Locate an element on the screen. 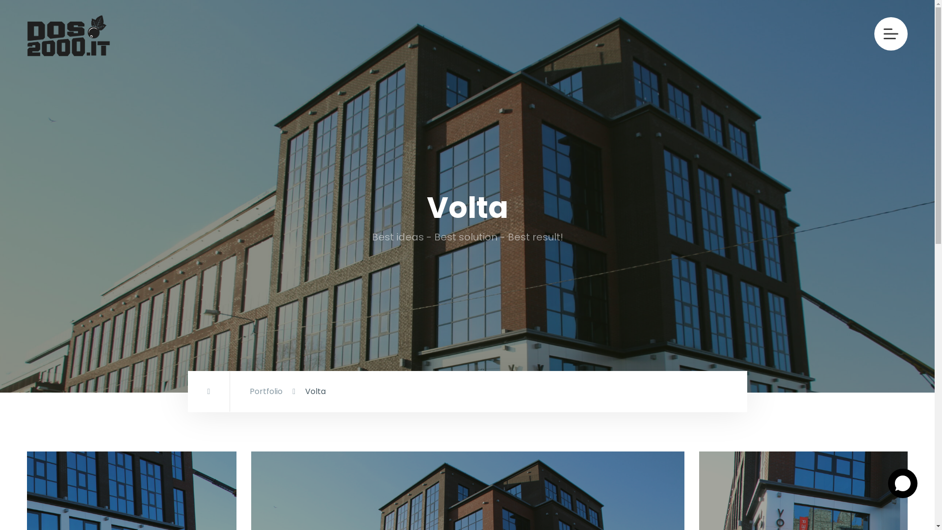 The width and height of the screenshot is (942, 530). 'Portfolio' is located at coordinates (249, 391).